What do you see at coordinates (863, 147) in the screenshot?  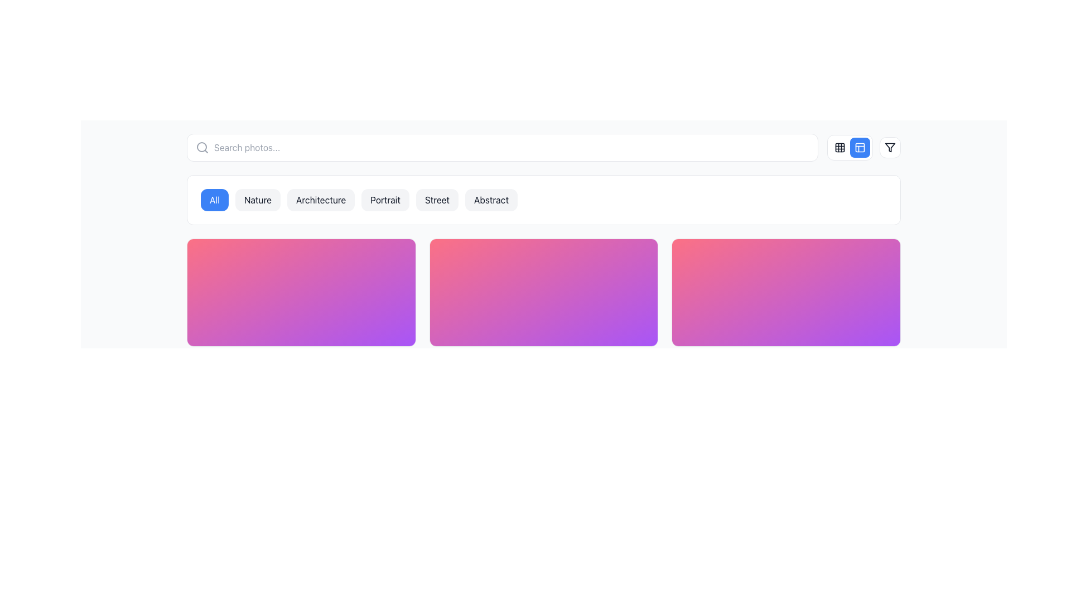 I see `the middle button with a blue background and white text` at bounding box center [863, 147].